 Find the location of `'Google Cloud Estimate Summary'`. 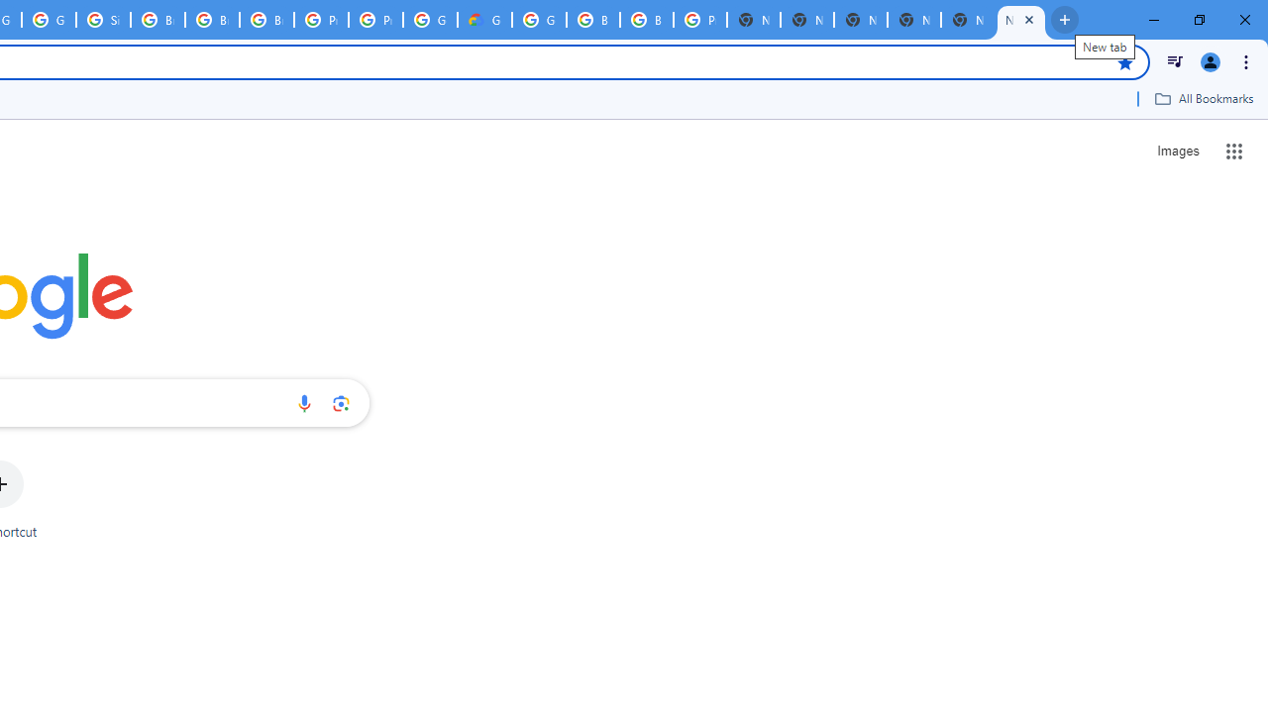

'Google Cloud Estimate Summary' is located at coordinates (484, 20).